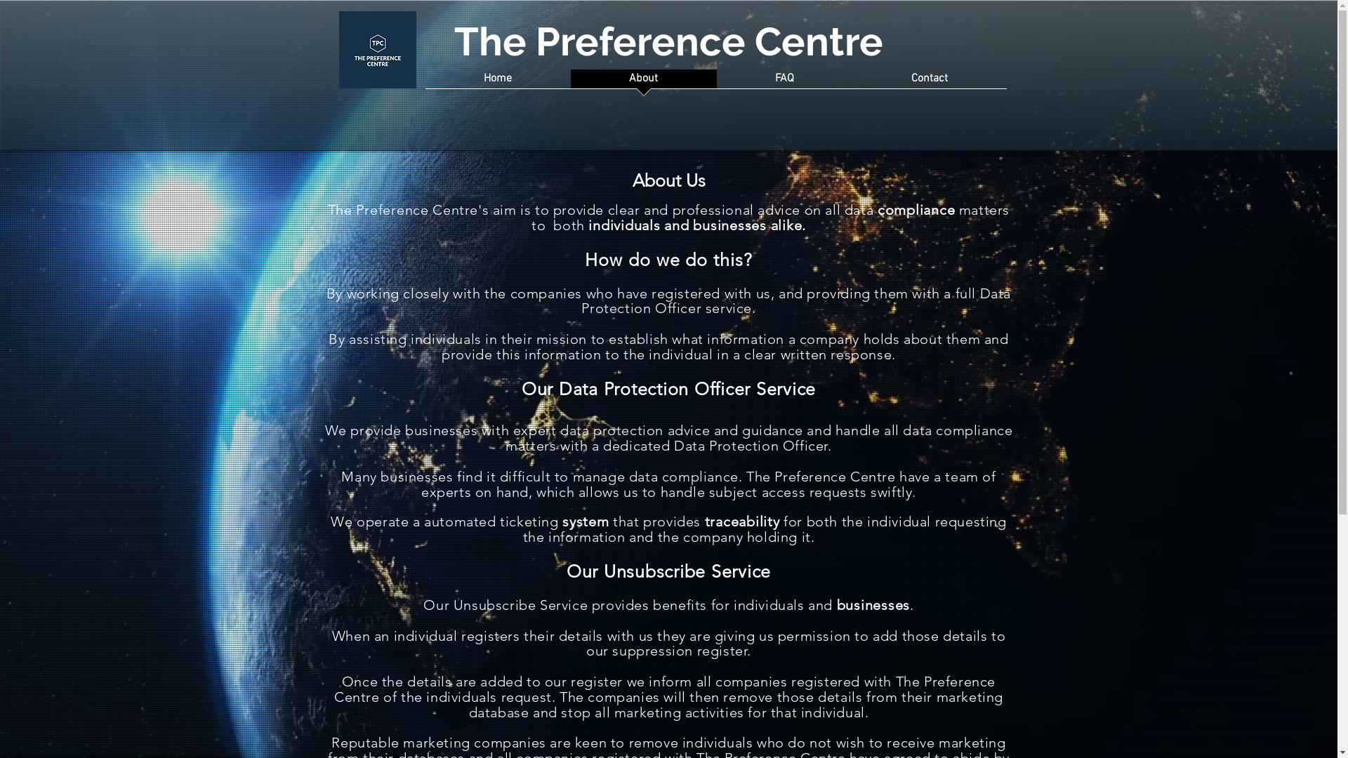 This screenshot has width=1348, height=758. Describe the element at coordinates (784, 84) in the screenshot. I see `'FAQ'` at that location.